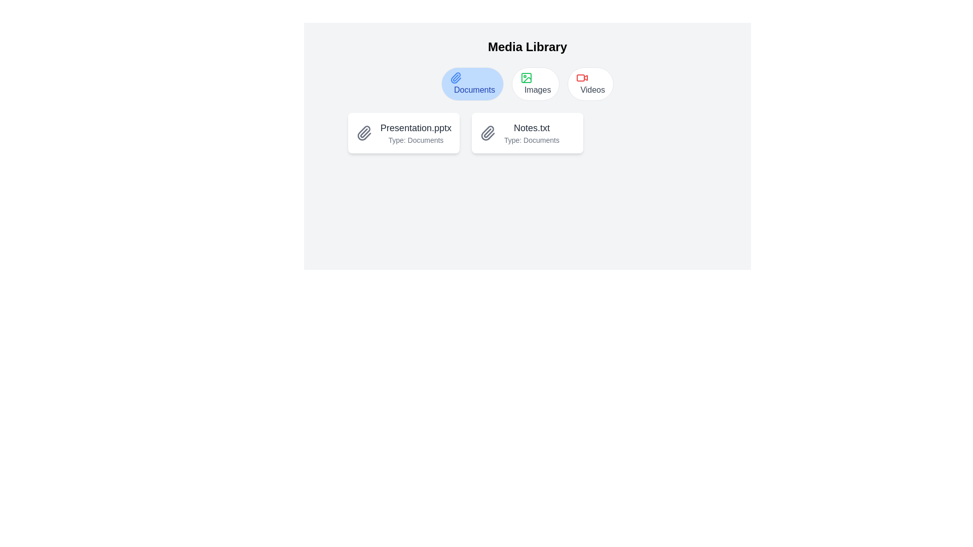 This screenshot has width=973, height=547. I want to click on the 'Documents' category selector button to possibly display additional information, so click(472, 83).